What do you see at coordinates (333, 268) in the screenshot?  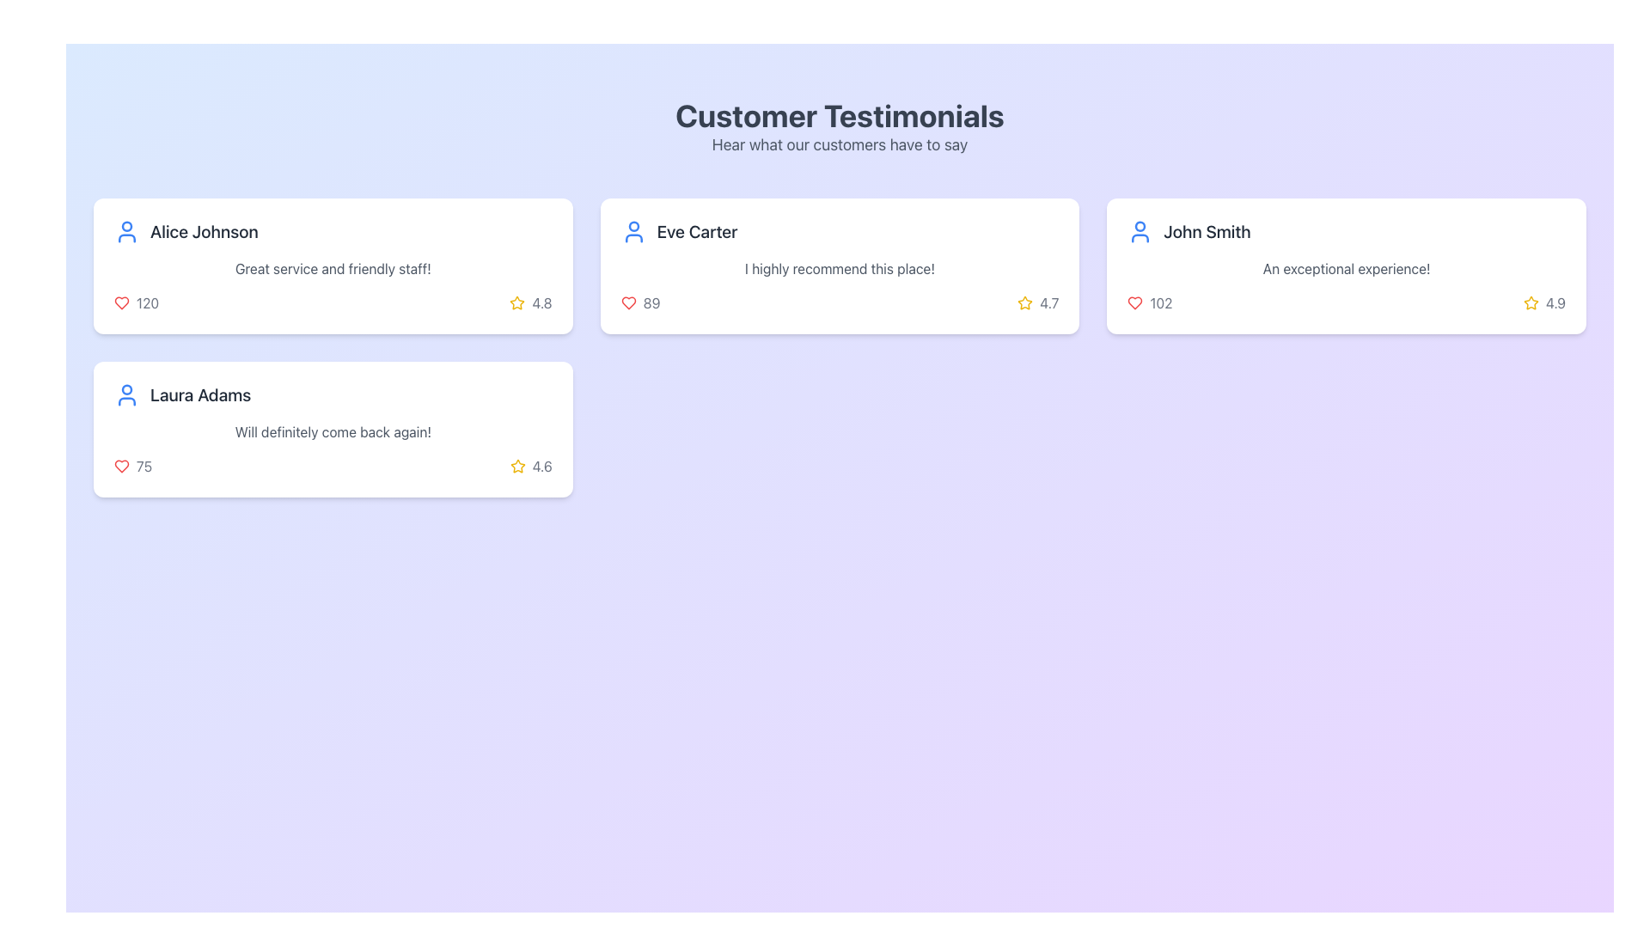 I see `the user testimonial text block located below 'Alice Johnson' and above the heart and star icons` at bounding box center [333, 268].